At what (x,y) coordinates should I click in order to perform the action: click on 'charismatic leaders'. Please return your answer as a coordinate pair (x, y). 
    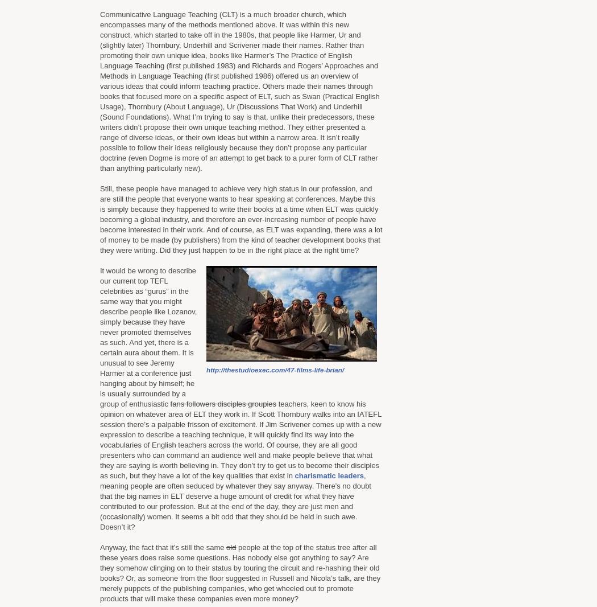
    Looking at the image, I should click on (328, 475).